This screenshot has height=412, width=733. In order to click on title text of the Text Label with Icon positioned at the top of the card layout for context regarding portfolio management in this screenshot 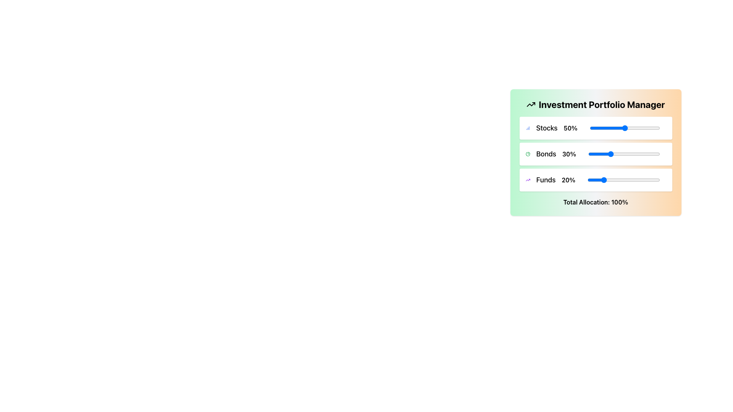, I will do `click(595, 104)`.